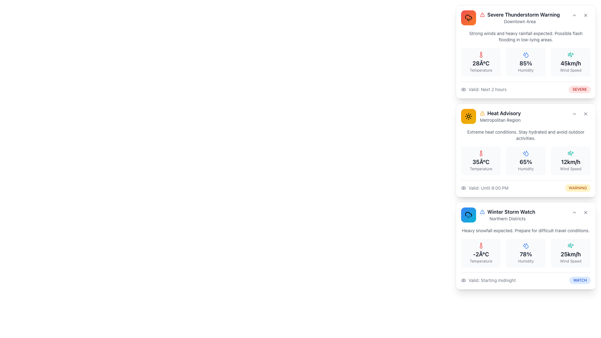 The height and width of the screenshot is (338, 601). I want to click on displayed information from the middle card showing '85%' humidity and 'Humidity' below it in a weather metrics grid, so click(526, 62).